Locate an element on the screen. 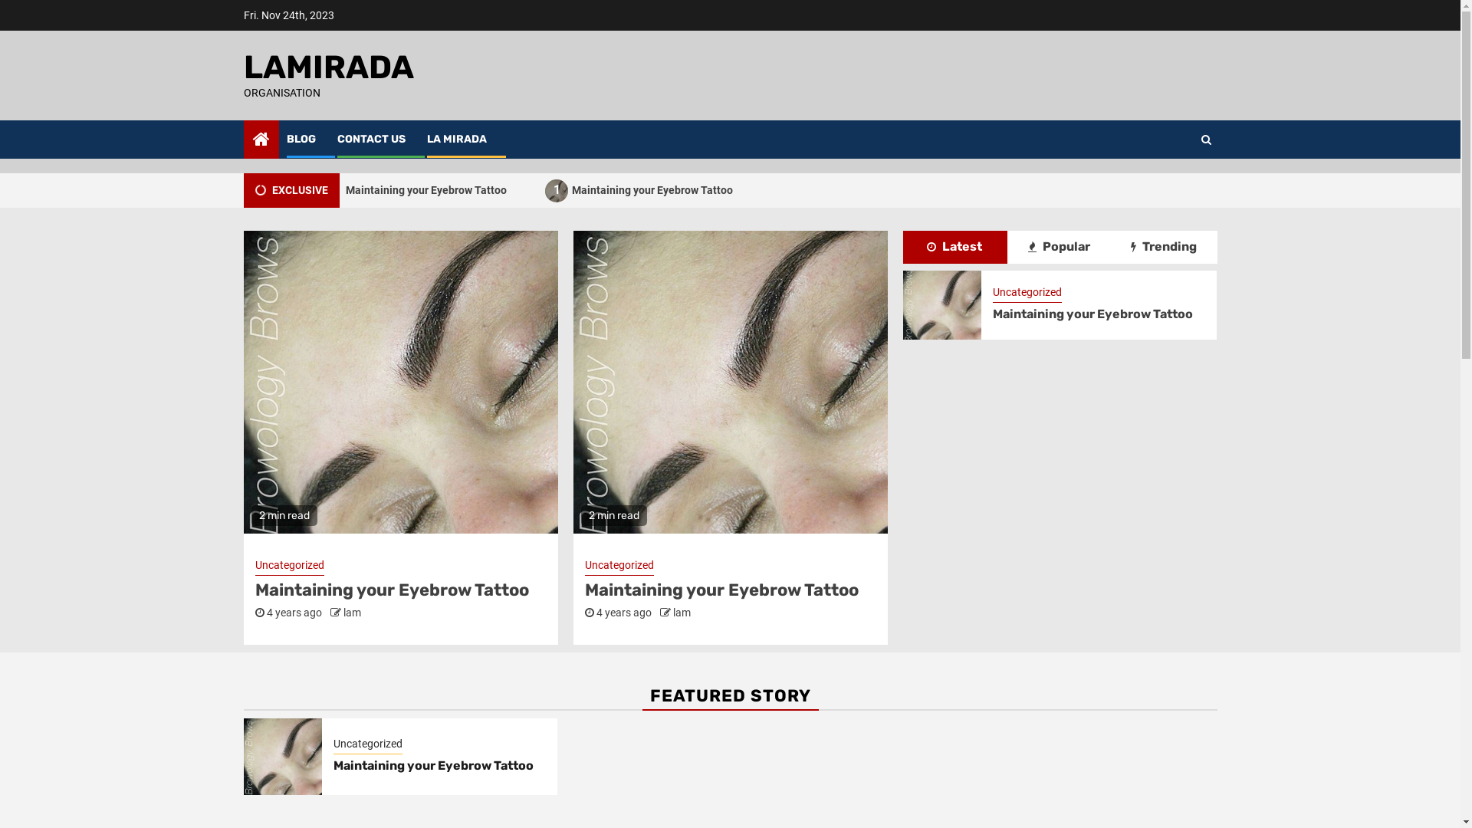  'Maintaining your Eyebrow Tattoo' is located at coordinates (391, 589).